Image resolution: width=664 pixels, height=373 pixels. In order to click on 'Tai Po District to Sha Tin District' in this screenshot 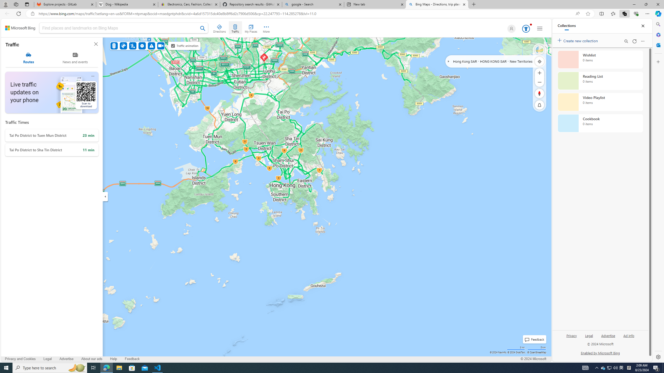, I will do `click(52, 150)`.